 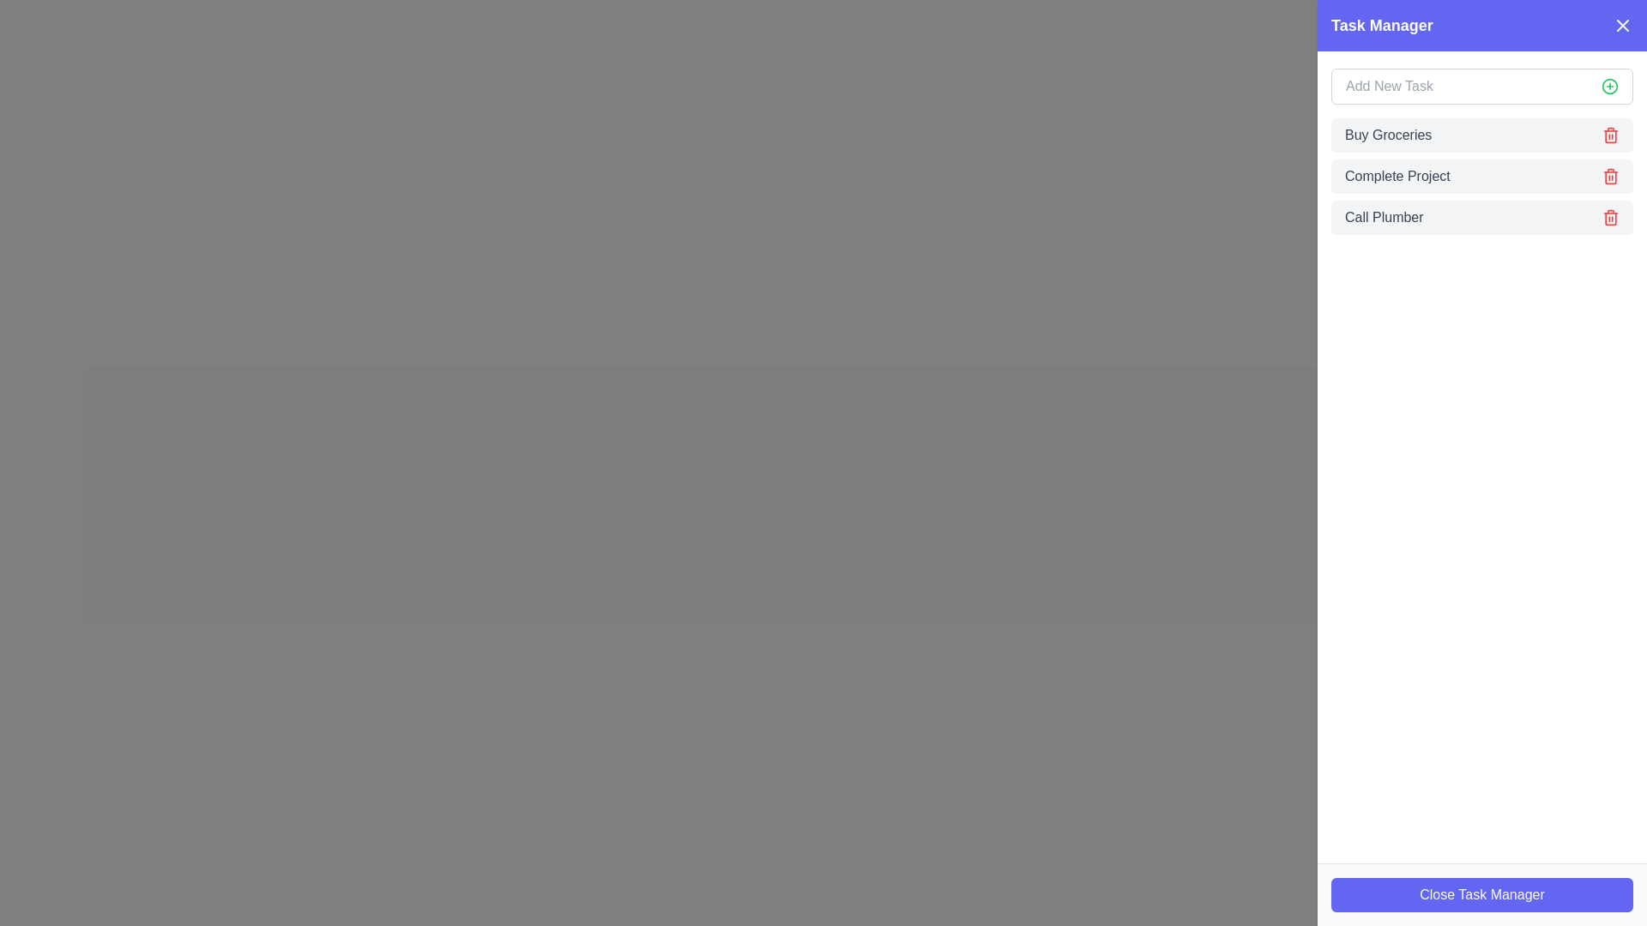 I want to click on the close button of the 'Task Manager' panel to observe the color change, so click(x=1481, y=894).